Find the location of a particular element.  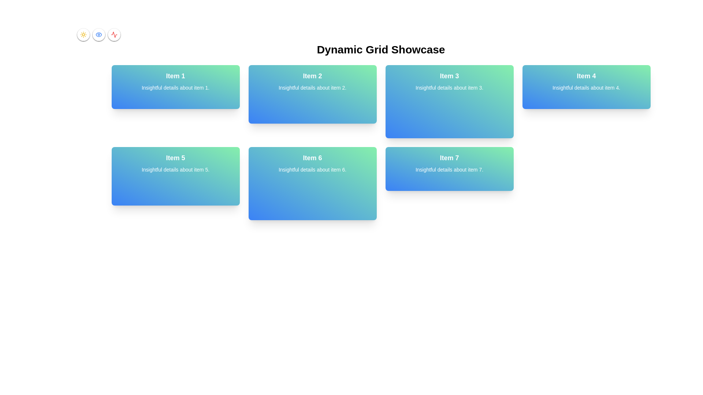

text label located in the bottom right card titled 'Item 7', which identifies the content of the card is located at coordinates (449, 158).